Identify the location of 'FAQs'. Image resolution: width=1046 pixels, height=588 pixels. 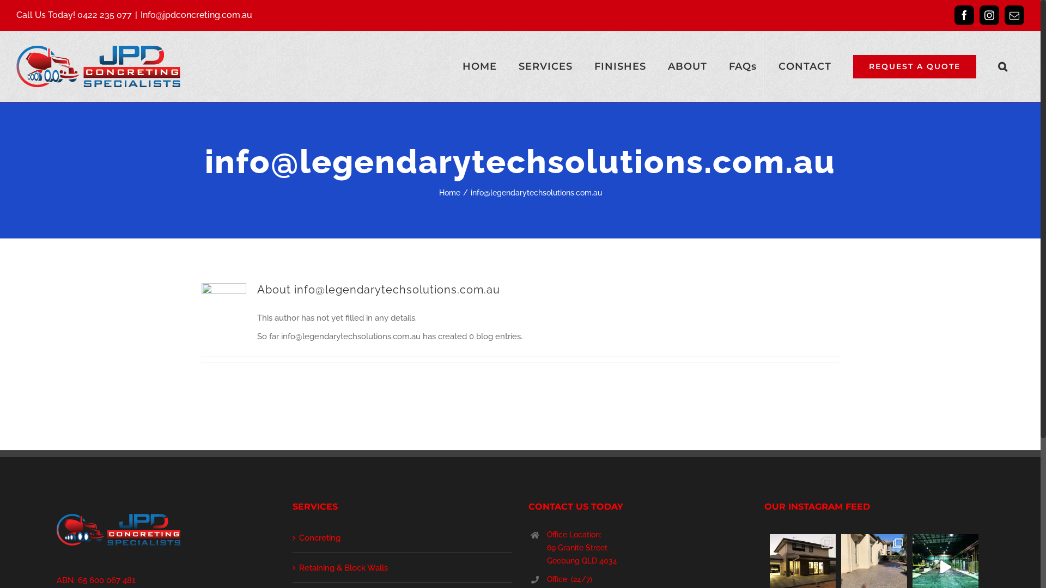
(742, 66).